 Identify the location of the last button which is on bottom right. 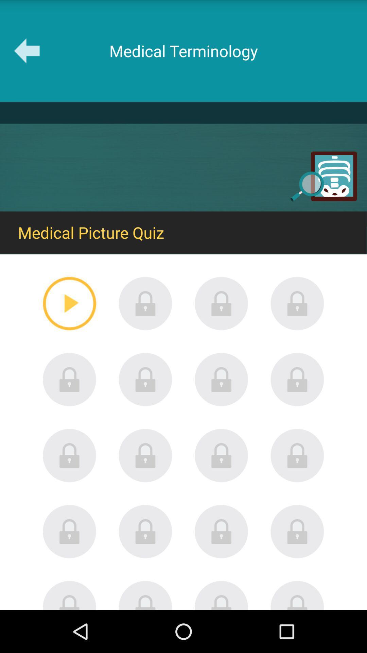
(297, 595).